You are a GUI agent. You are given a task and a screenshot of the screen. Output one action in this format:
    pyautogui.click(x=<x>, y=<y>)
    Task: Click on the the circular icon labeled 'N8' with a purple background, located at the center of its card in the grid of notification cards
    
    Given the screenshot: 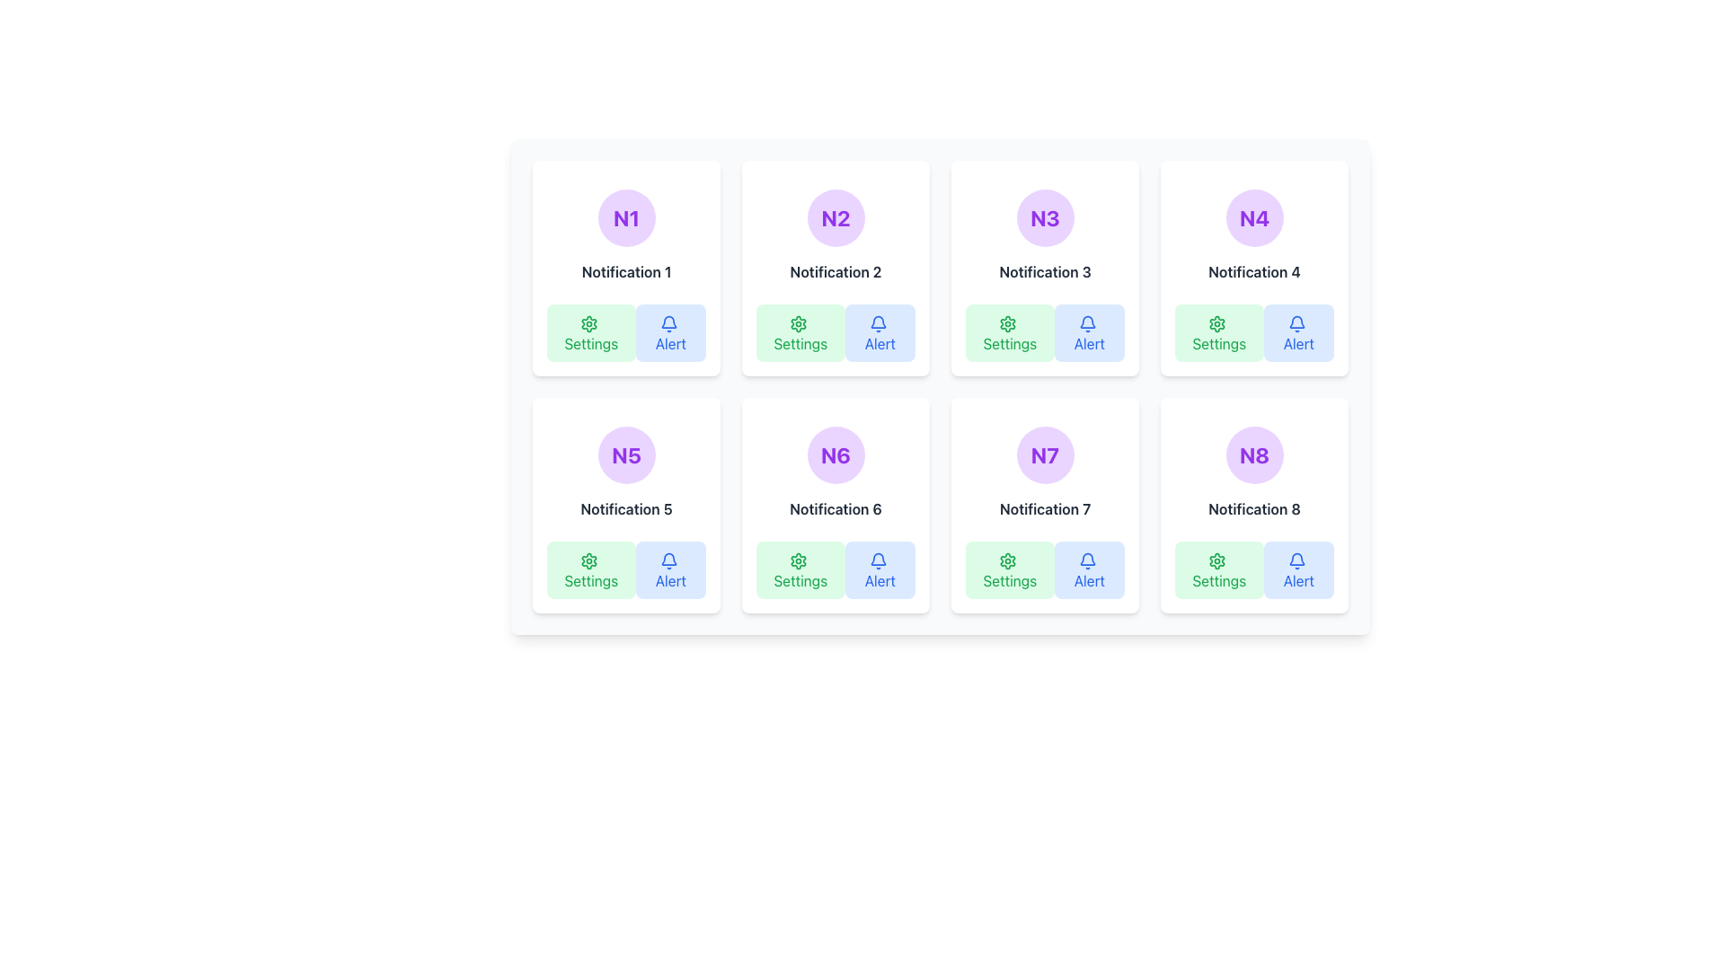 What is the action you would take?
    pyautogui.click(x=1253, y=454)
    